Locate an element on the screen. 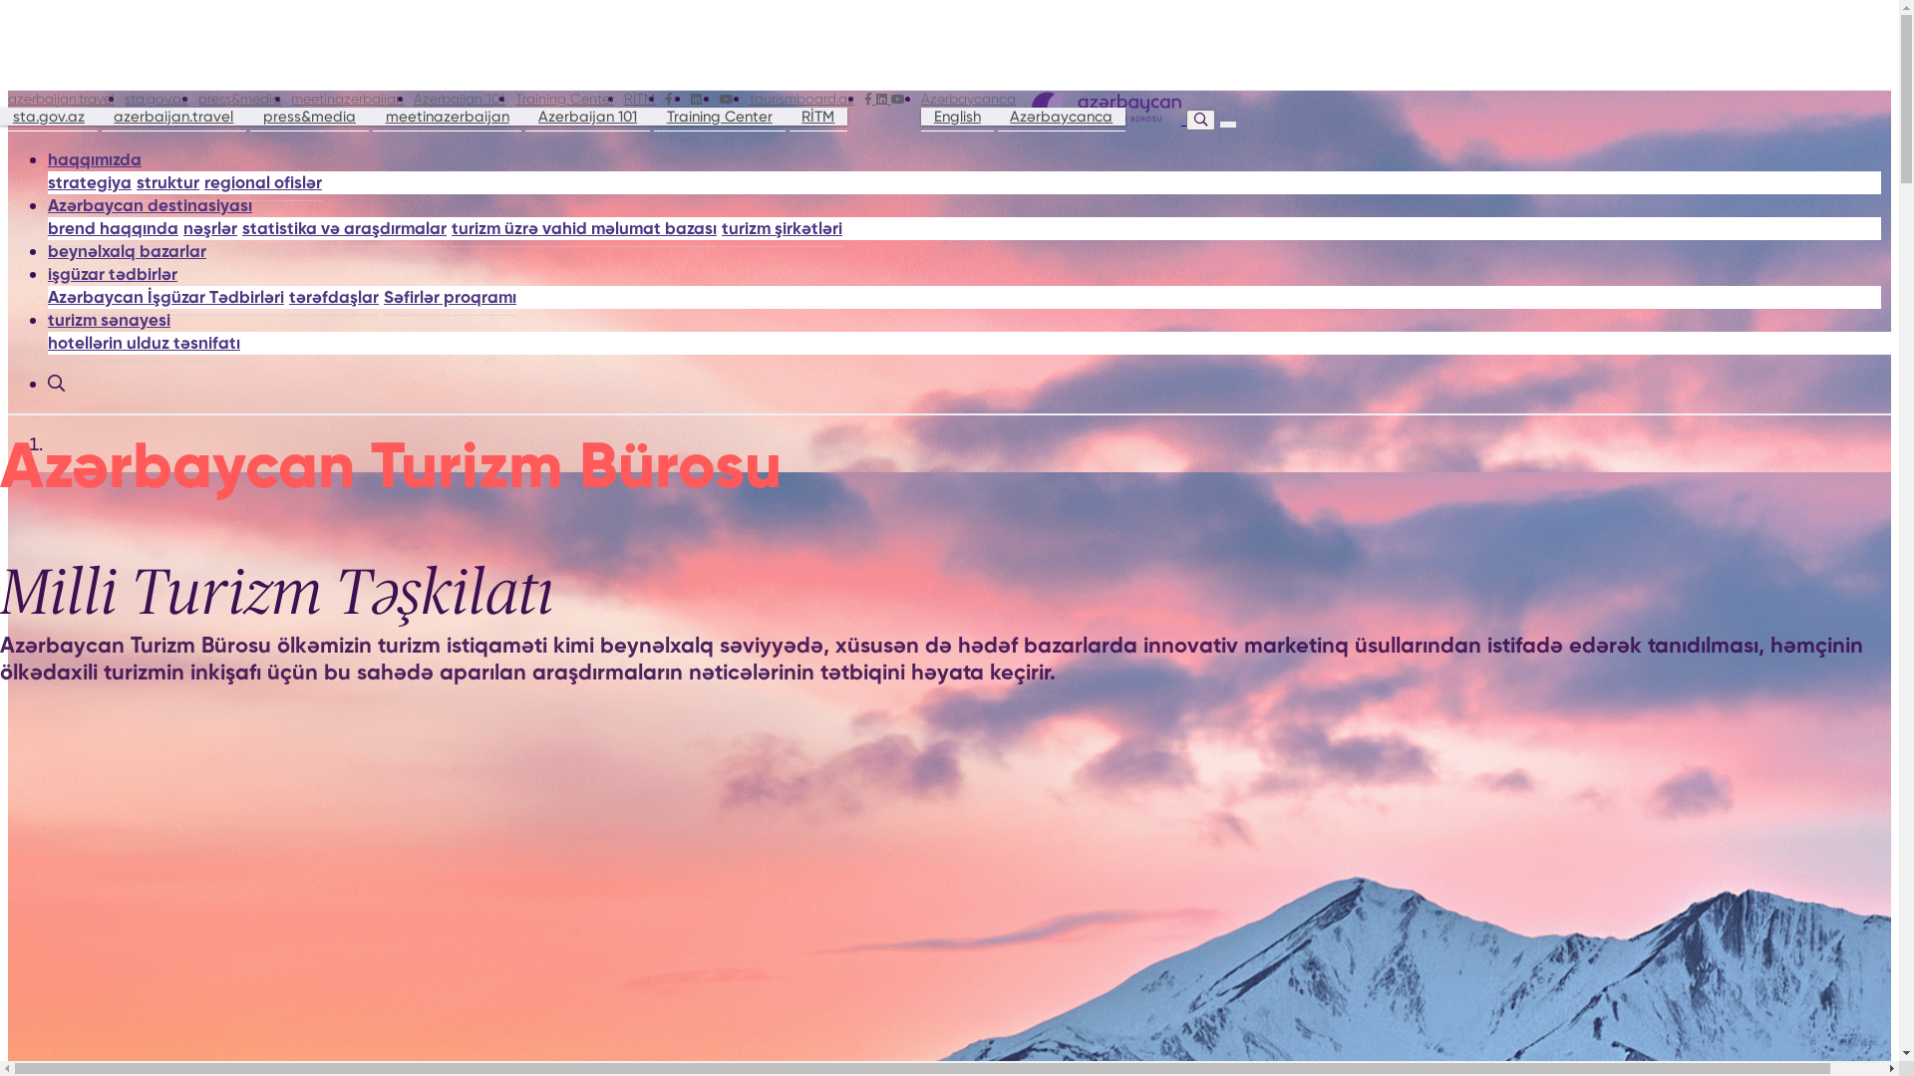 This screenshot has width=1914, height=1076. 'sta.gov.az' is located at coordinates (156, 99).